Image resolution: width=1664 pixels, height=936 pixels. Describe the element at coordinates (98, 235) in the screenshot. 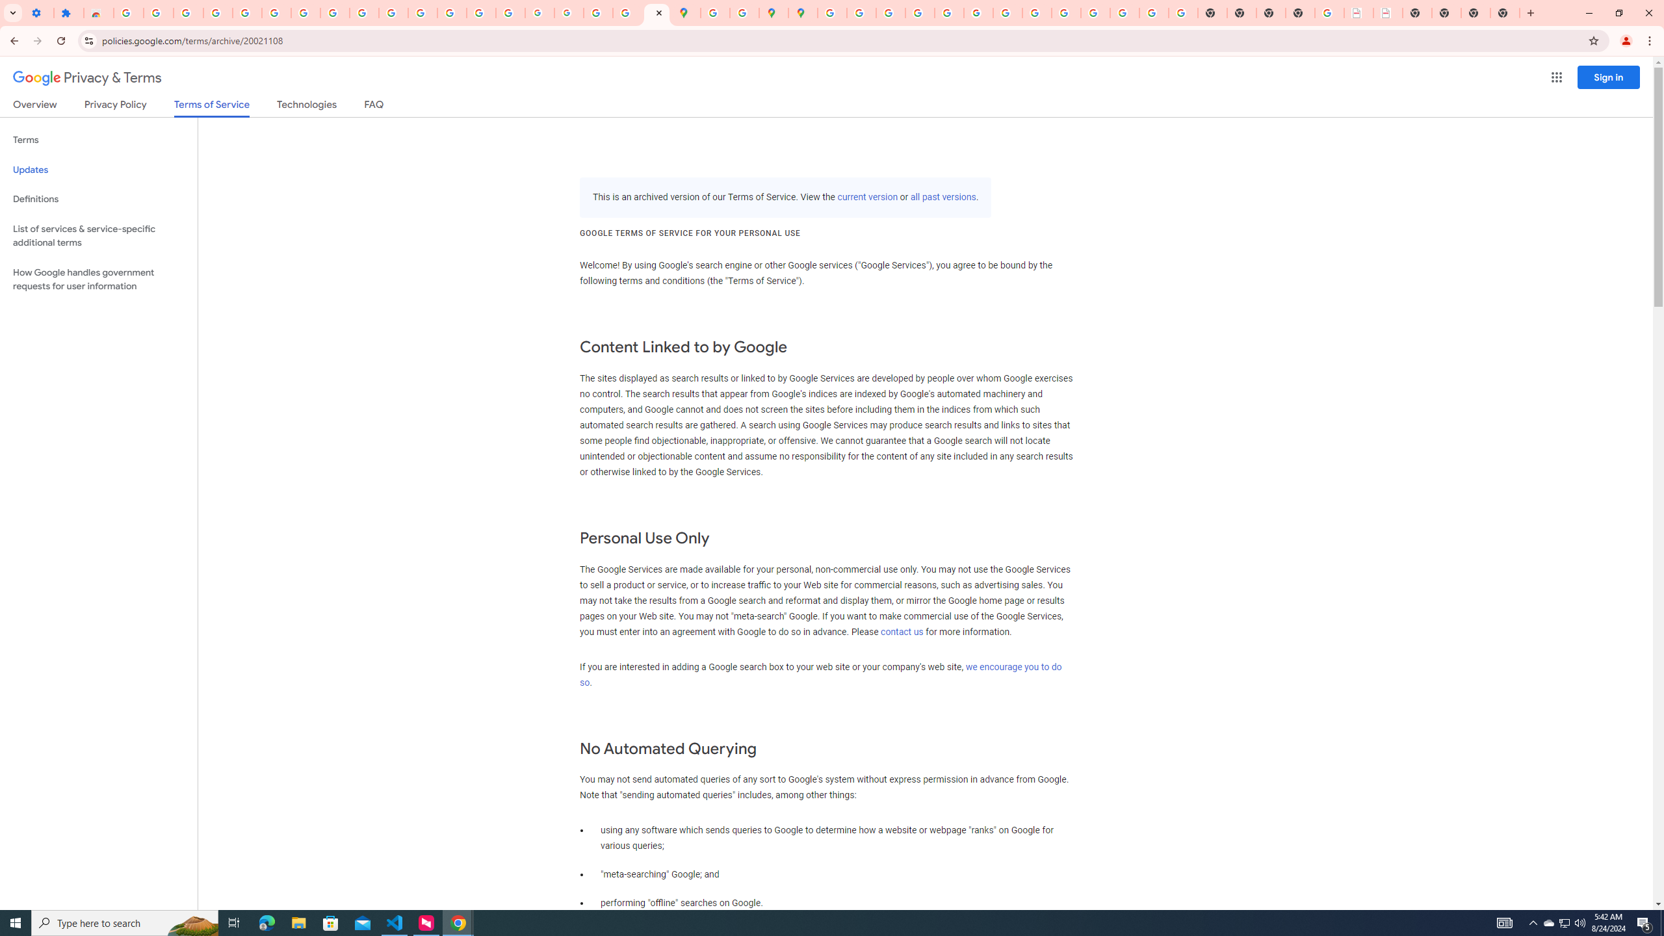

I see `'List of services & service-specific additional terms'` at that location.